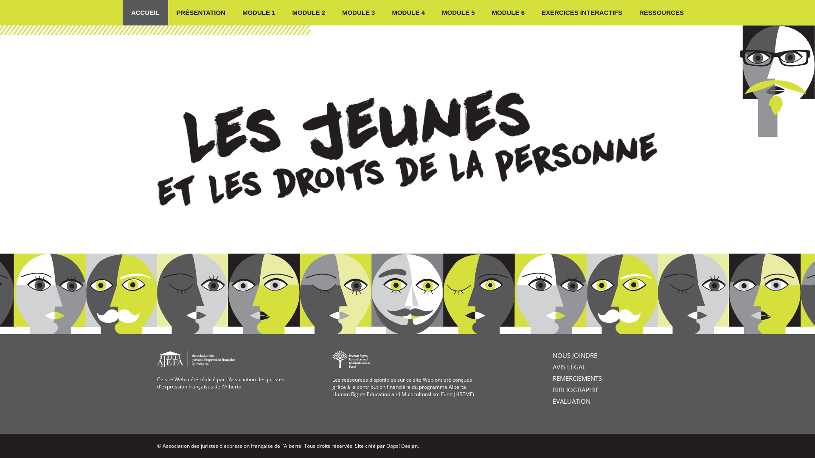  What do you see at coordinates (458, 13) in the screenshot?
I see `'MODULE 5'` at bounding box center [458, 13].